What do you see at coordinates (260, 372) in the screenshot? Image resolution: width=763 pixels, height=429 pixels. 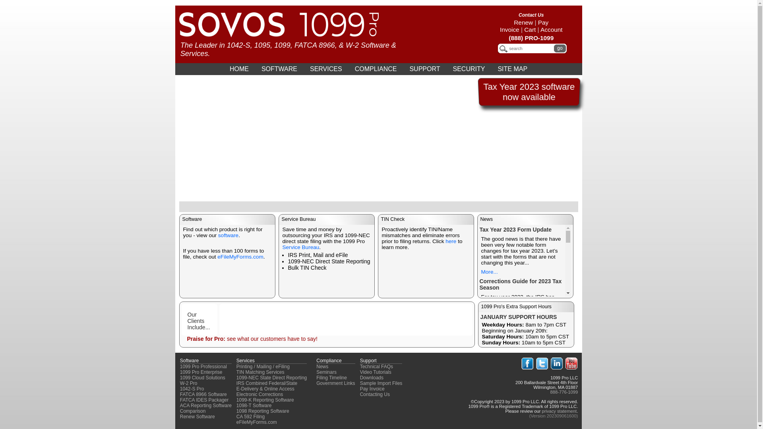 I see `'TIN Matching Services'` at bounding box center [260, 372].